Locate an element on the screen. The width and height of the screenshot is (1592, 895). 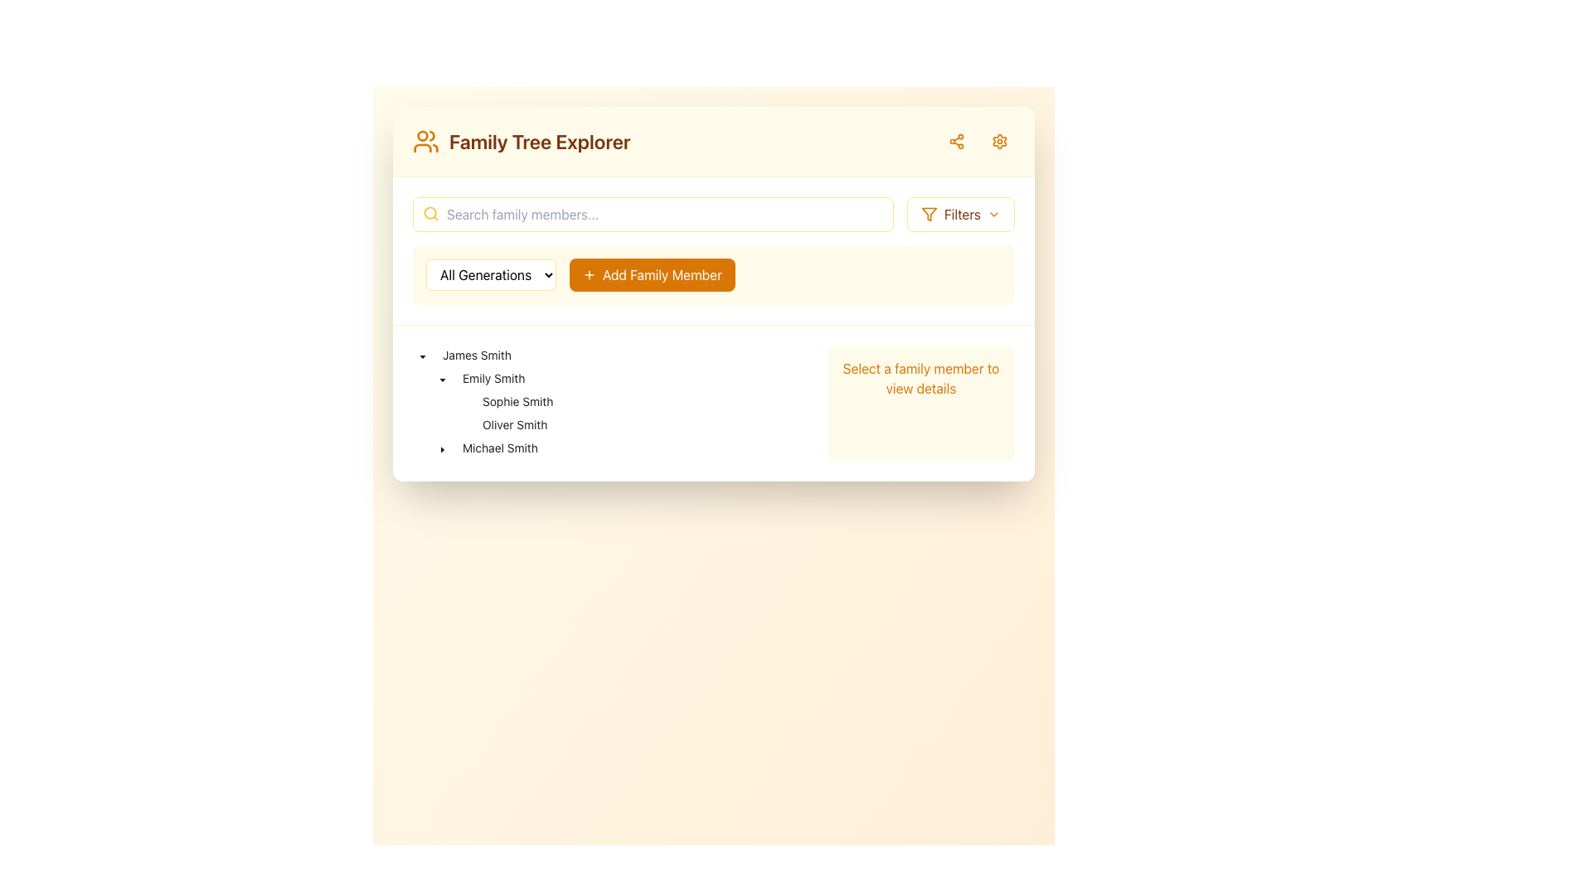
on the Tree item node displaying 'Sophie Smith', the third node under 'Family Tree Explorer' is located at coordinates (485, 402).